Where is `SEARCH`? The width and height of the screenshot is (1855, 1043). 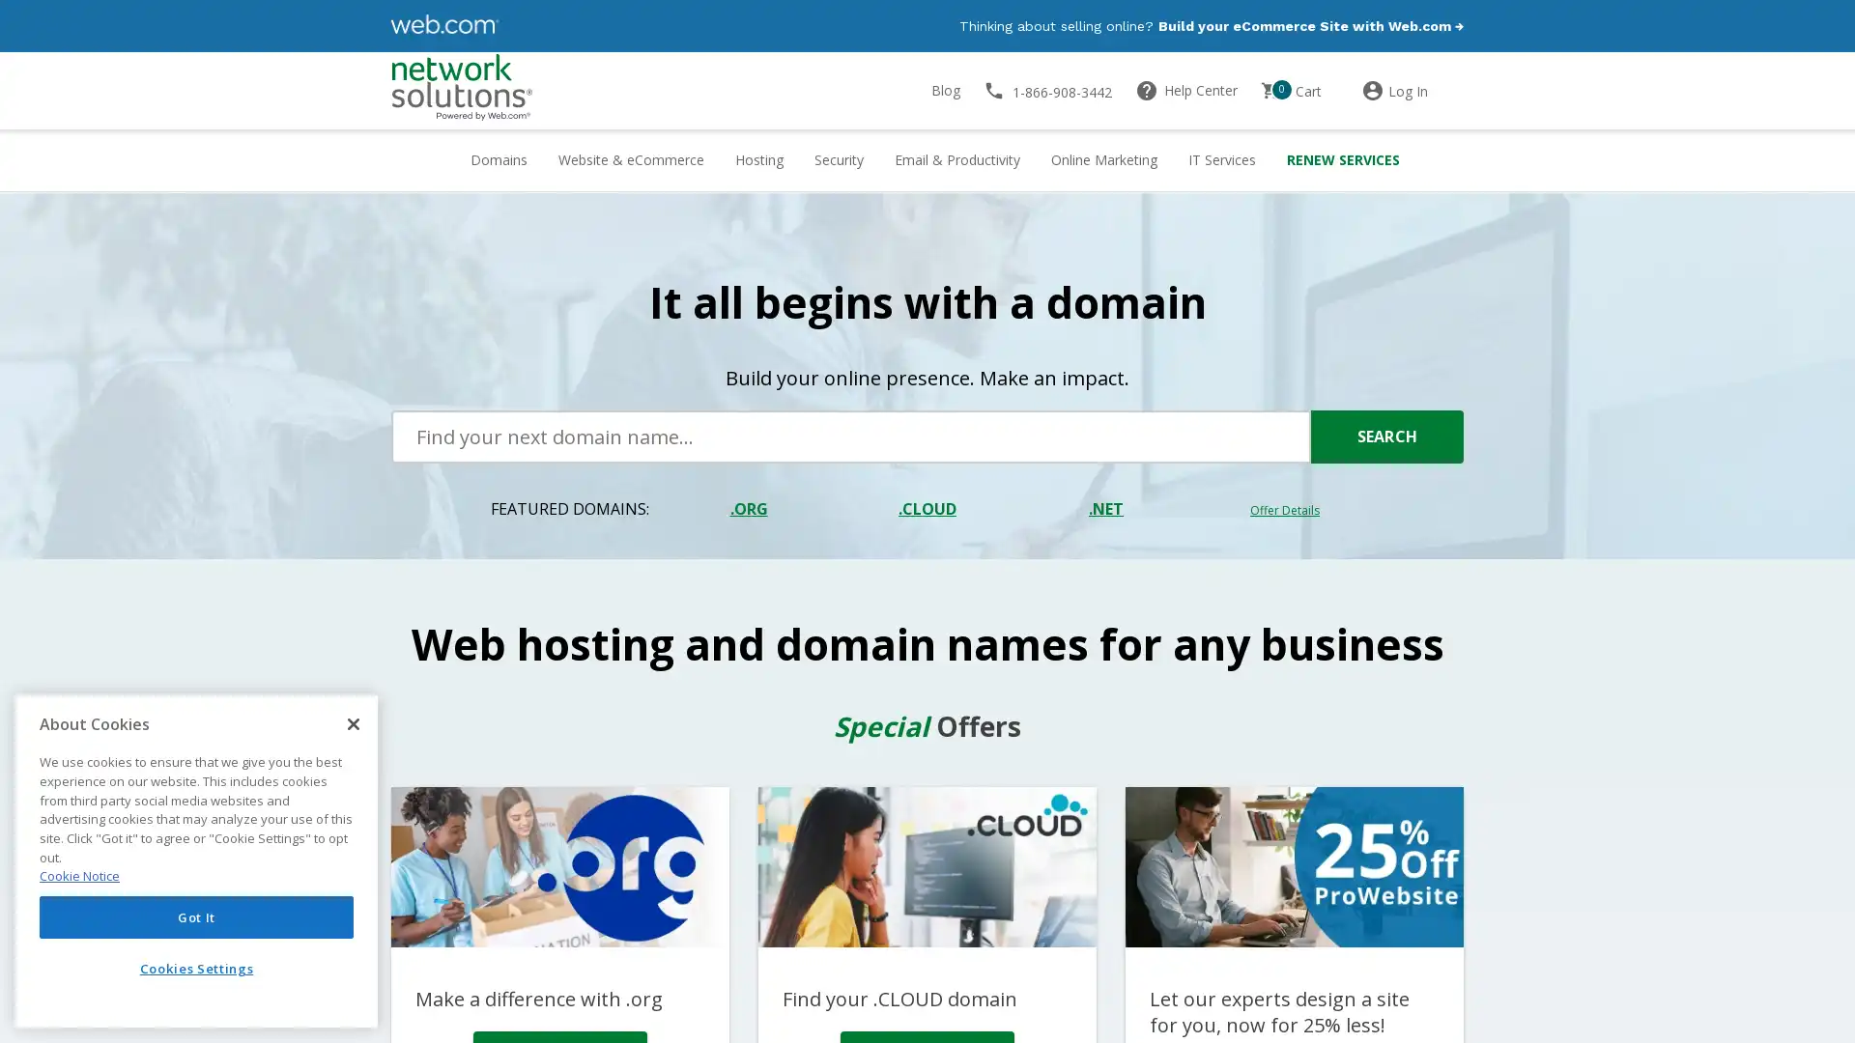 SEARCH is located at coordinates (1385, 437).